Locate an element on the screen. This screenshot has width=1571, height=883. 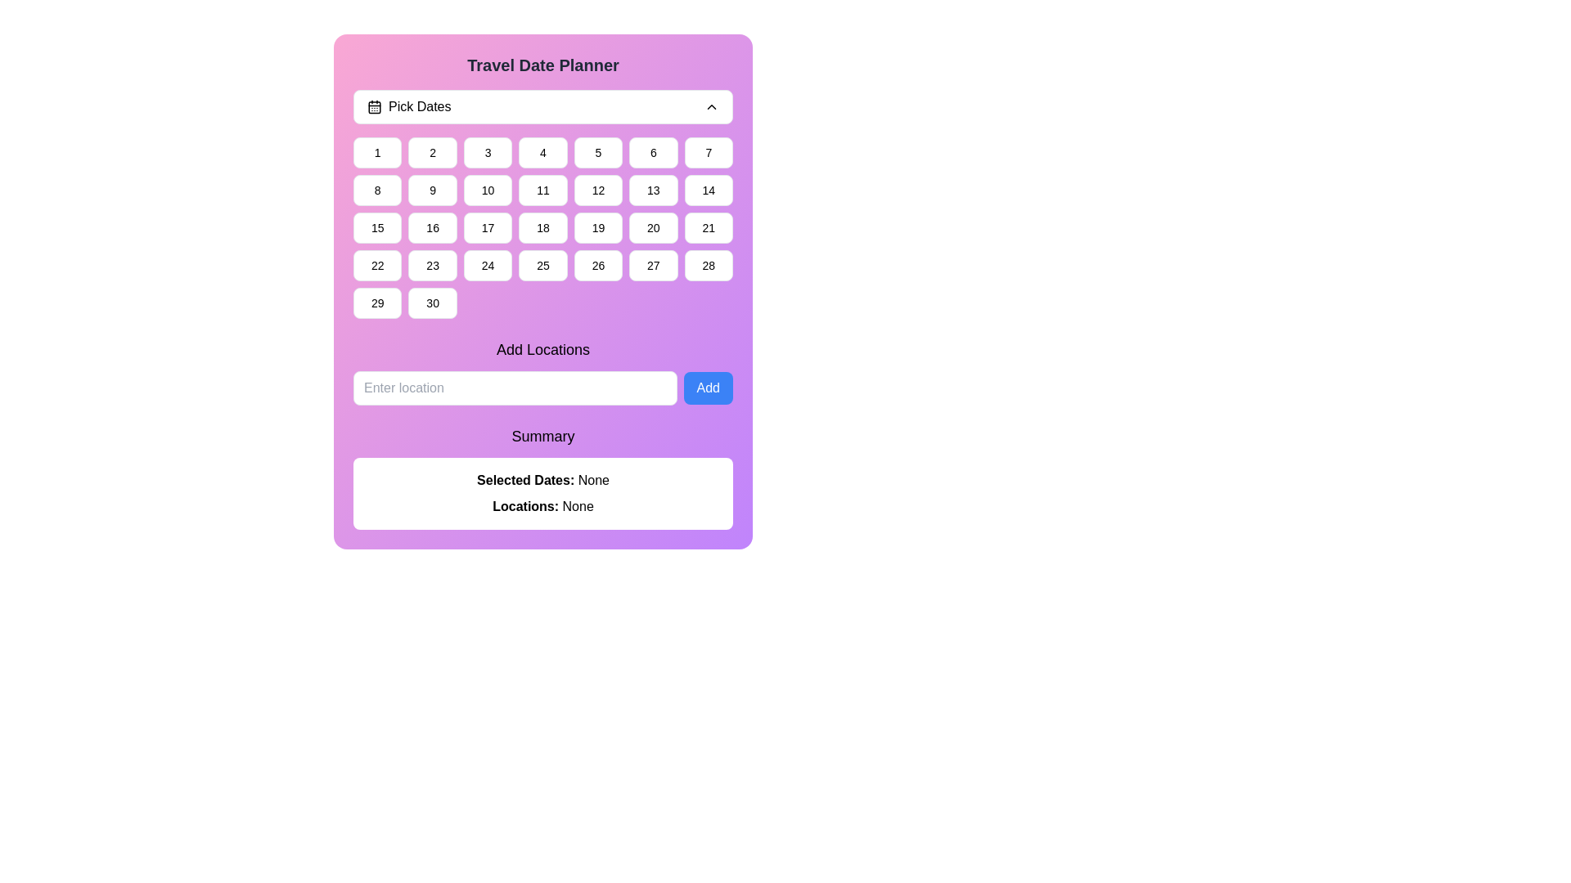
the date selector button located in the last row of a 7-column grid, specifically the seventh column, beneath the element labeled '21' is located at coordinates (708, 264).